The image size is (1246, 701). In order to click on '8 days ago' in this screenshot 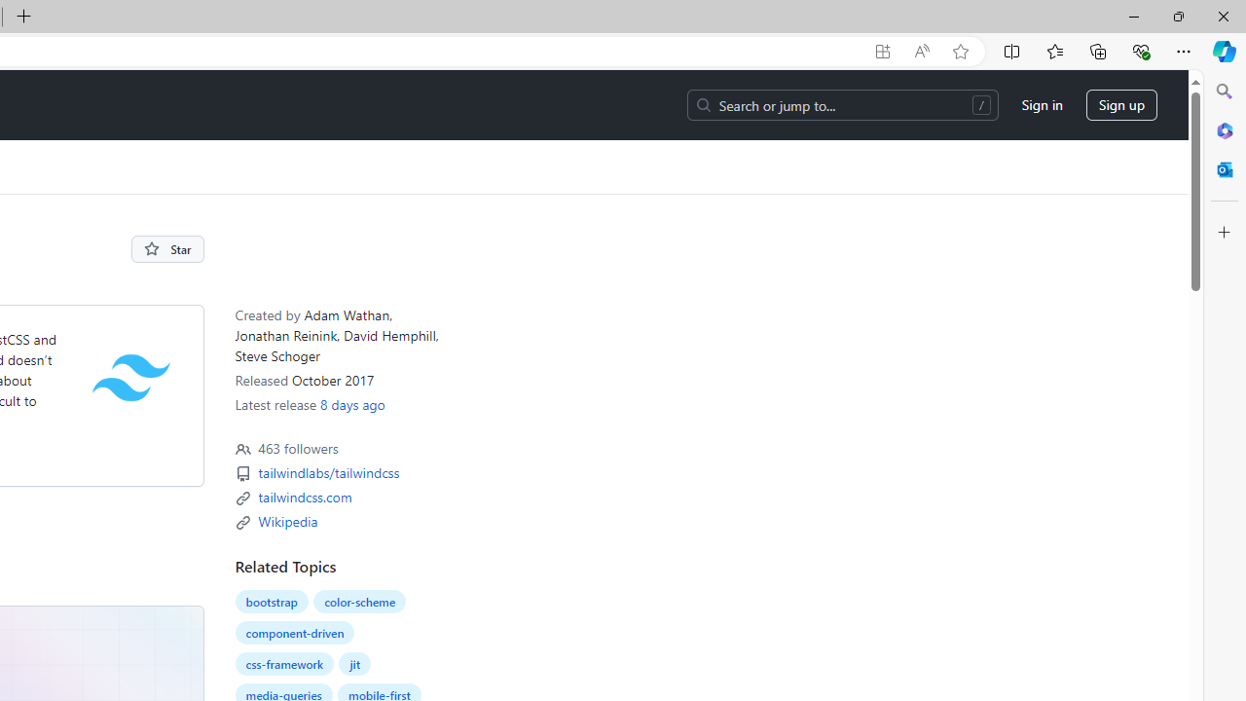, I will do `click(351, 403)`.